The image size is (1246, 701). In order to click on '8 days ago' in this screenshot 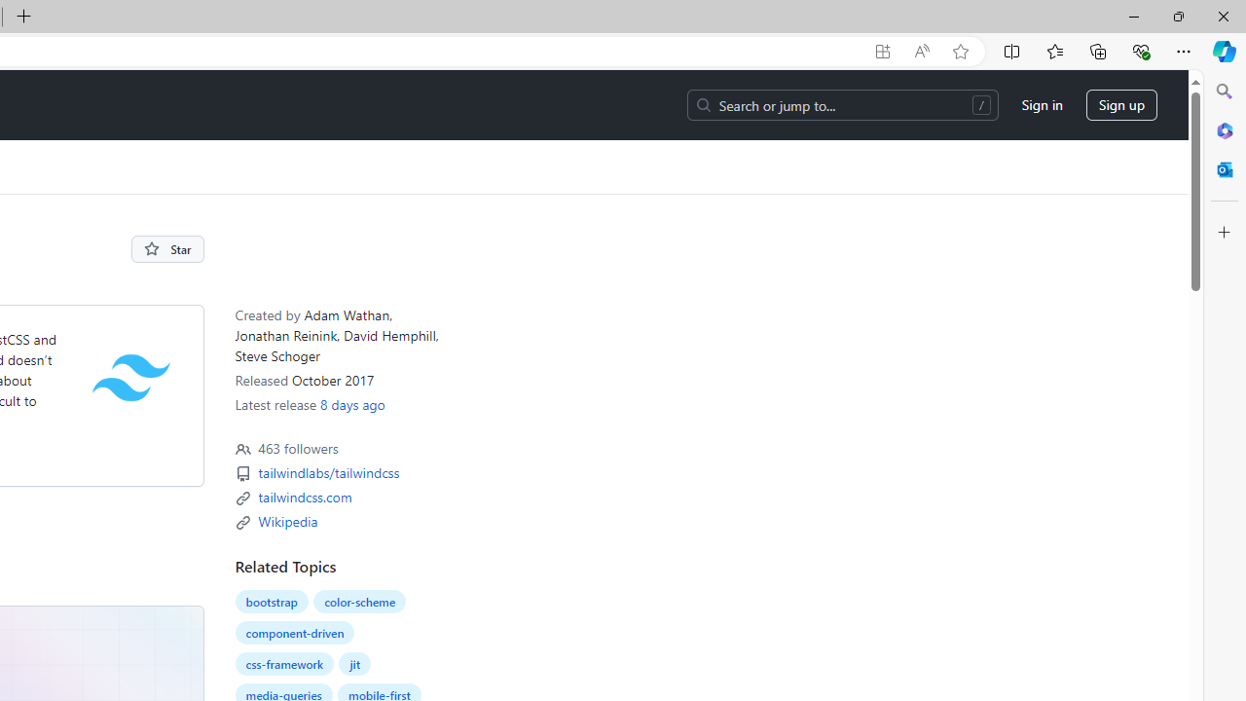, I will do `click(351, 403)`.